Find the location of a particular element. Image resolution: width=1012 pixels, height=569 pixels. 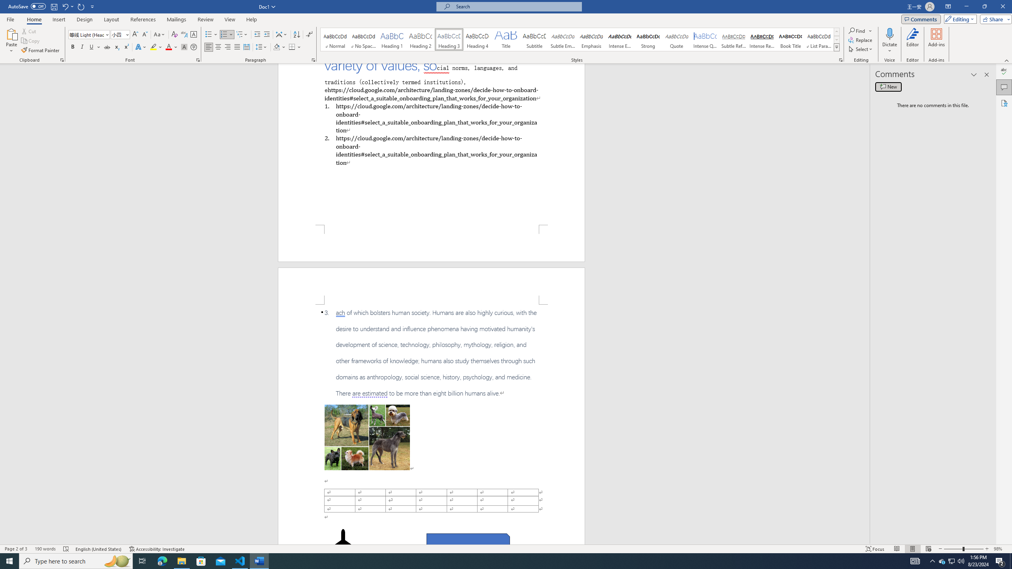

'Header -Section 1-' is located at coordinates (431, 286).